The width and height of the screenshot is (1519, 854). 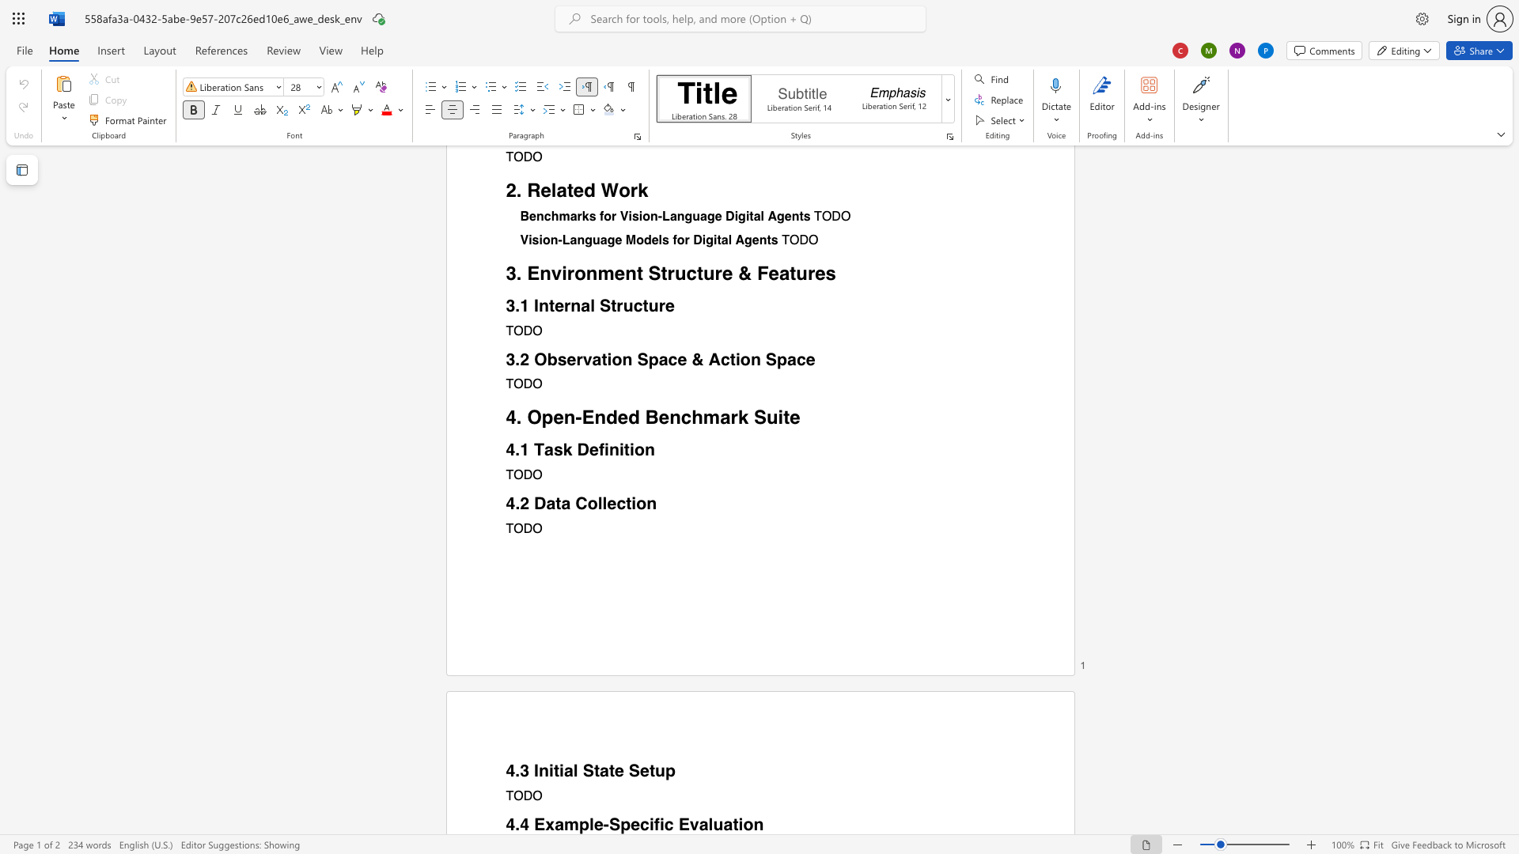 What do you see at coordinates (578, 824) in the screenshot?
I see `the subset text "ple-Specif" within the text "4.4 Example-Specific Evaluation"` at bounding box center [578, 824].